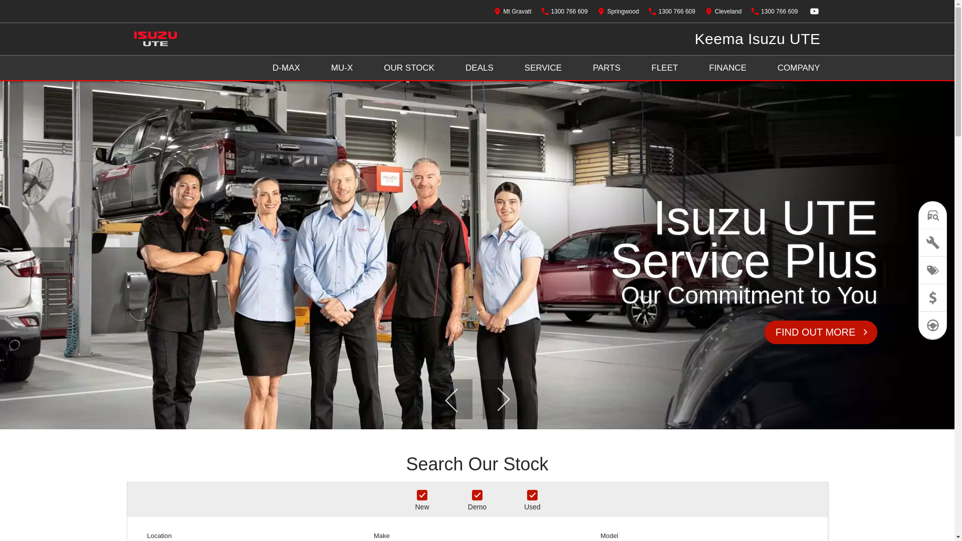 The height and width of the screenshot is (541, 962). What do you see at coordinates (694, 38) in the screenshot?
I see `'Keema Isuzu UTE'` at bounding box center [694, 38].